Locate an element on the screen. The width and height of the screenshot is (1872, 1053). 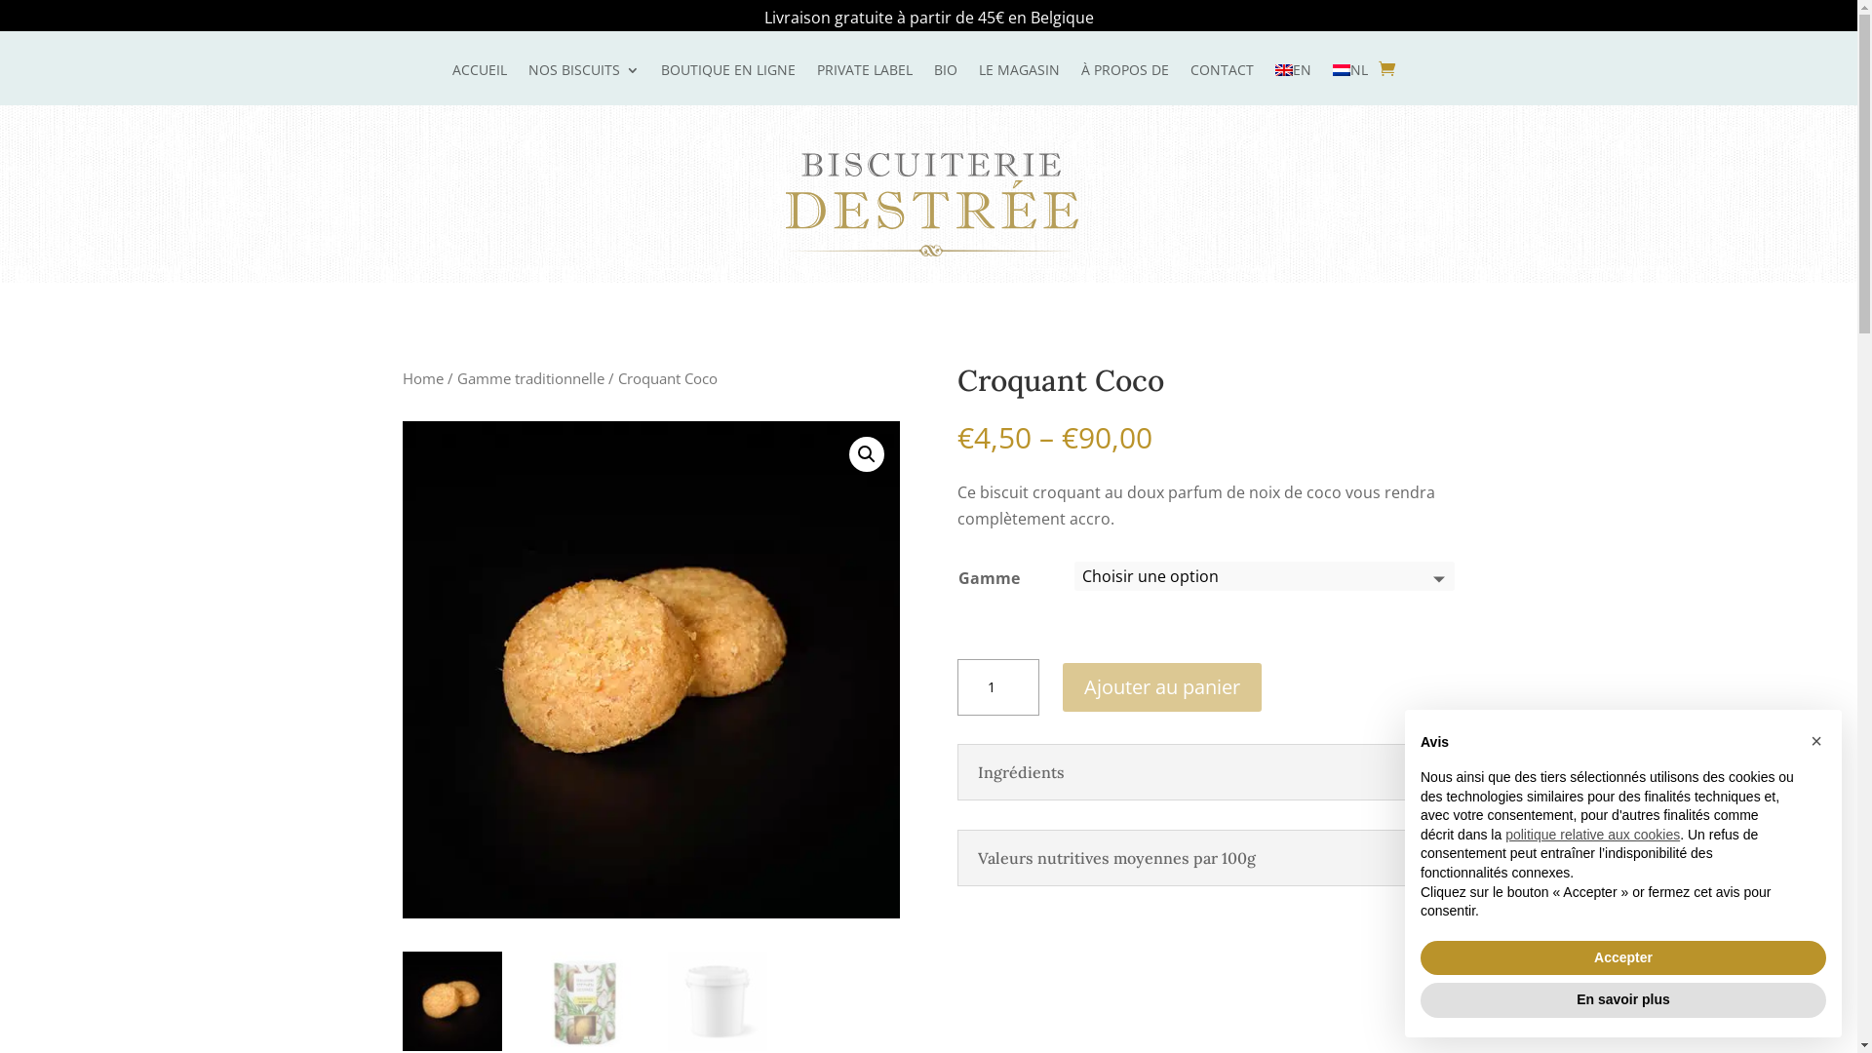
'CONTACT' is located at coordinates (1220, 83).